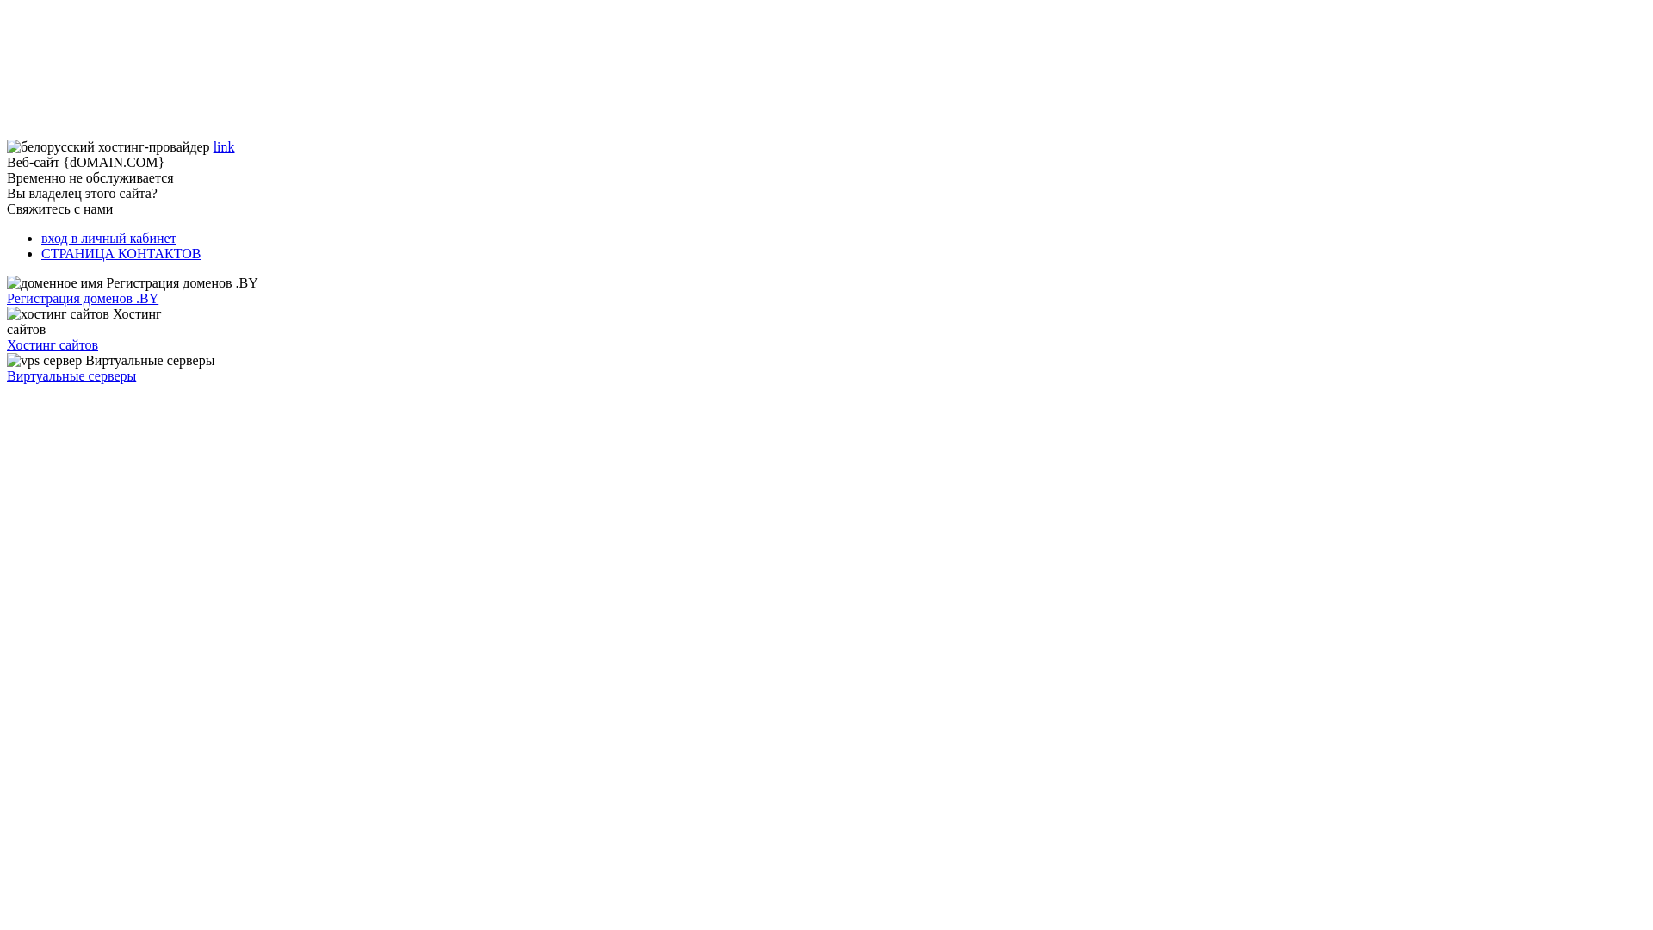 The image size is (1653, 930). I want to click on 'link', so click(223, 146).